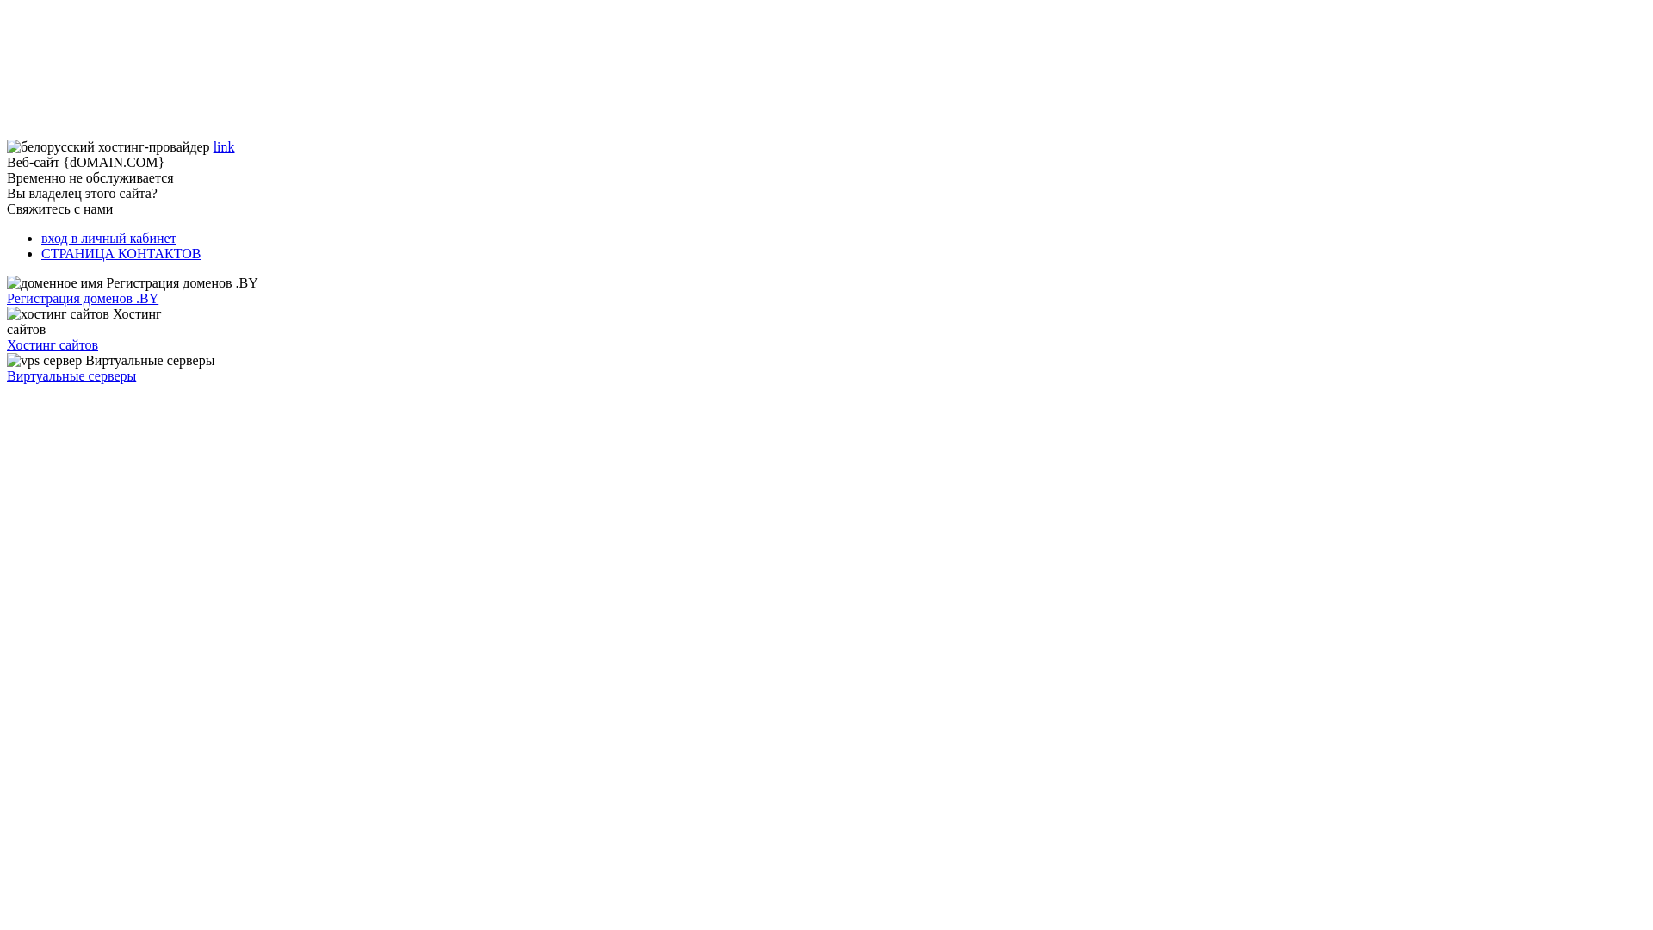 The image size is (1653, 930). I want to click on 'link', so click(223, 146).